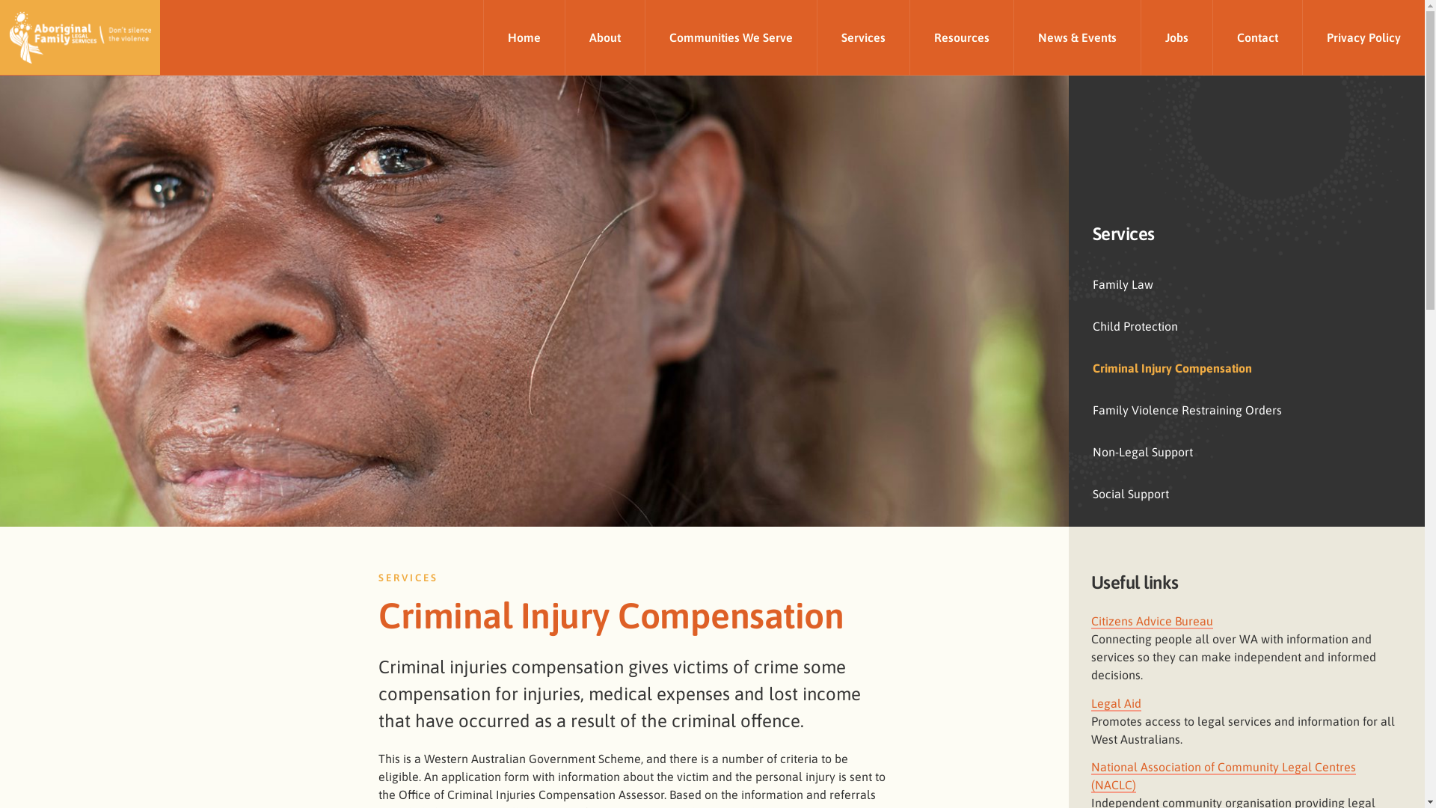  I want to click on 'Social Support', so click(1246, 493).